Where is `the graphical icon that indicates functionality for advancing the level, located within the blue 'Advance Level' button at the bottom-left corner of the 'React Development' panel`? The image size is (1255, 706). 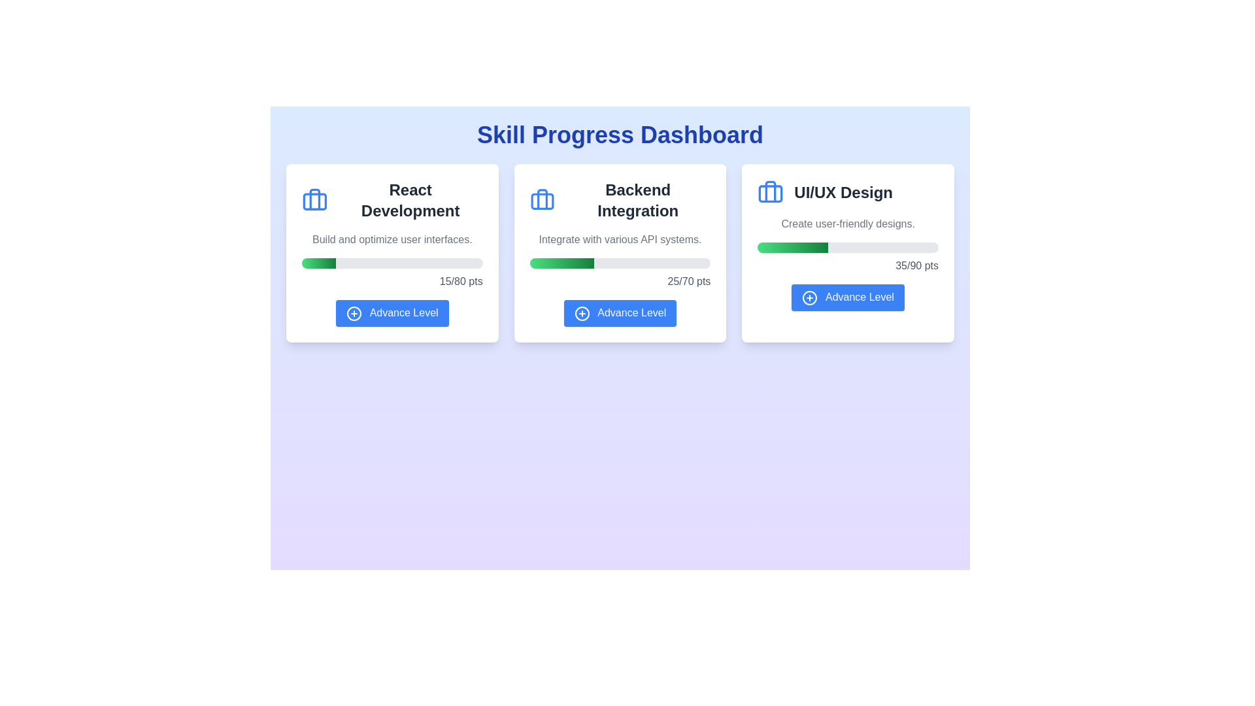 the graphical icon that indicates functionality for advancing the level, located within the blue 'Advance Level' button at the bottom-left corner of the 'React Development' panel is located at coordinates (354, 313).